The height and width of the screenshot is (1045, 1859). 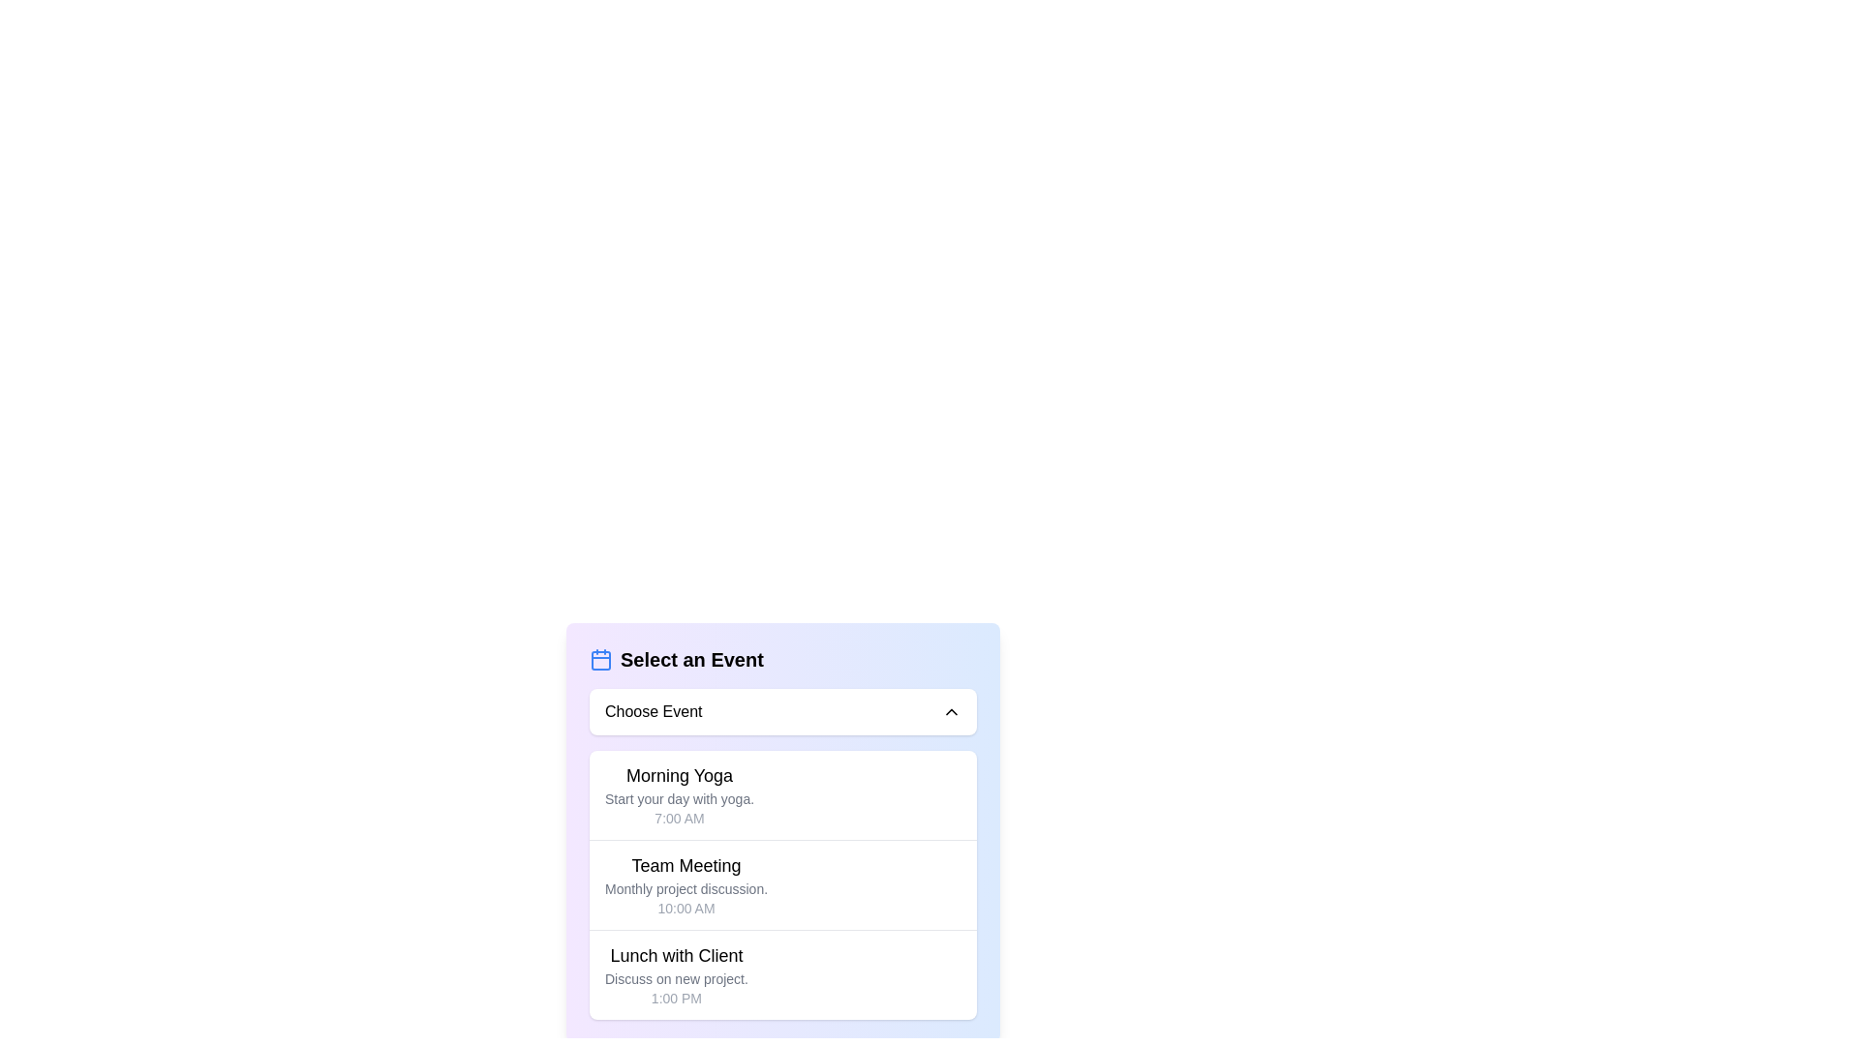 I want to click on the descriptive subtitle Text Label that provides additional details about the 'Team Meeting' event, so click(x=686, y=888).